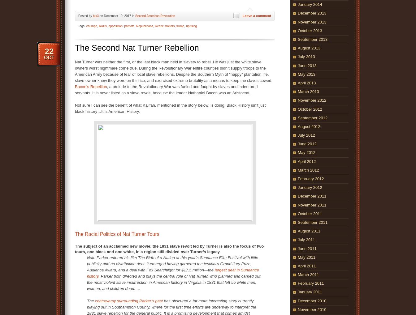 The height and width of the screenshot is (315, 416). What do you see at coordinates (159, 26) in the screenshot?
I see `'Resist'` at bounding box center [159, 26].